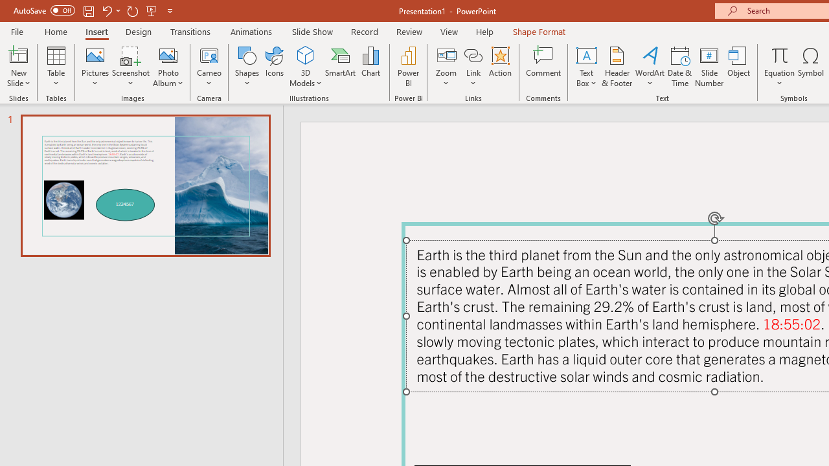 This screenshot has height=466, width=829. What do you see at coordinates (650, 67) in the screenshot?
I see `'WordArt'` at bounding box center [650, 67].